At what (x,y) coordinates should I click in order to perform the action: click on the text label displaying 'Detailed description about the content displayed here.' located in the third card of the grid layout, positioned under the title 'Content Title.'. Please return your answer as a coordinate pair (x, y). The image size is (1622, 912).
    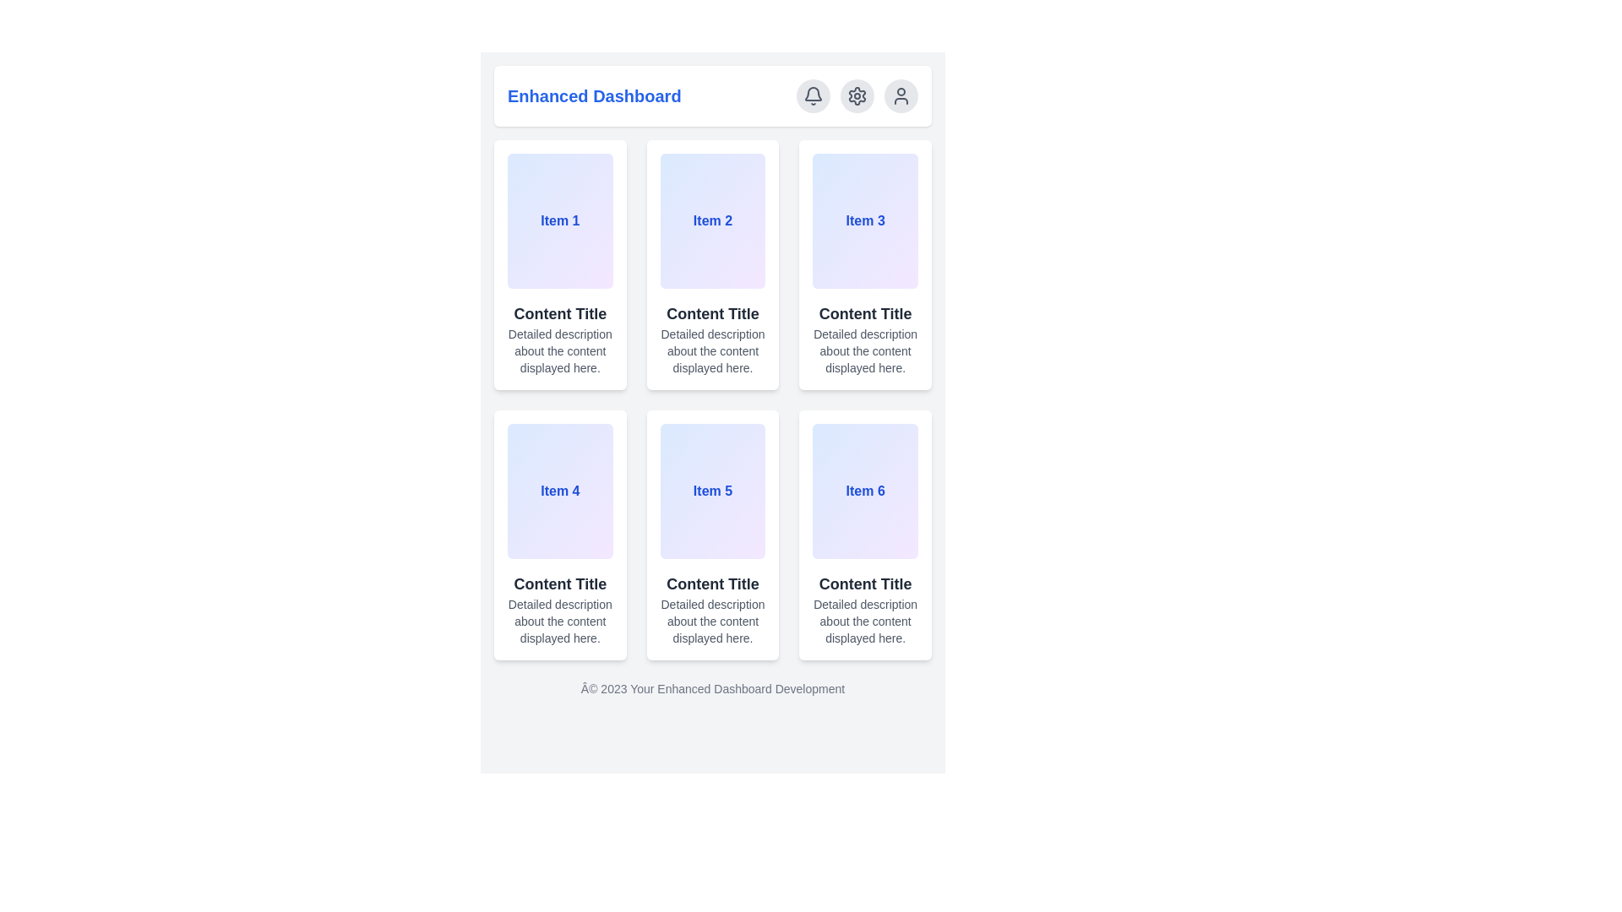
    Looking at the image, I should click on (865, 350).